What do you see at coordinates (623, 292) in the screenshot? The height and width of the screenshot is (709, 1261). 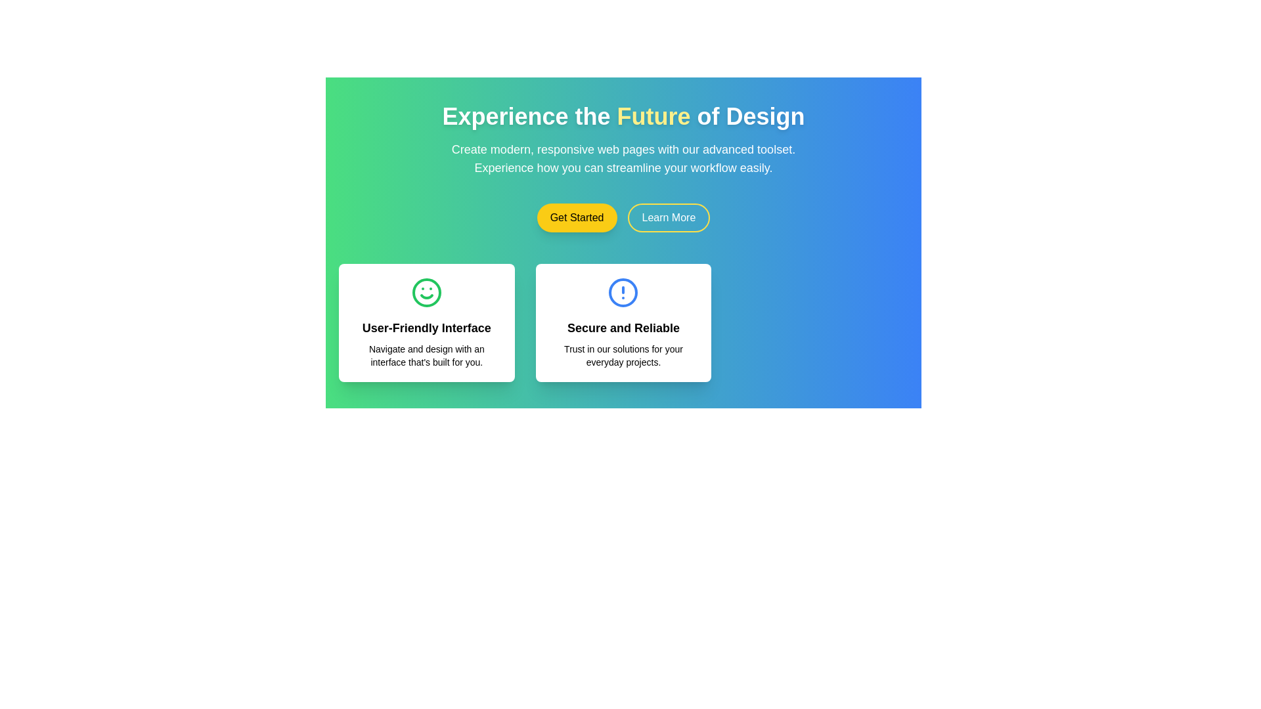 I see `attention-grabbing icon located in the upper middle portion of the card labeled 'Secure and Reliable' for additional information` at bounding box center [623, 292].